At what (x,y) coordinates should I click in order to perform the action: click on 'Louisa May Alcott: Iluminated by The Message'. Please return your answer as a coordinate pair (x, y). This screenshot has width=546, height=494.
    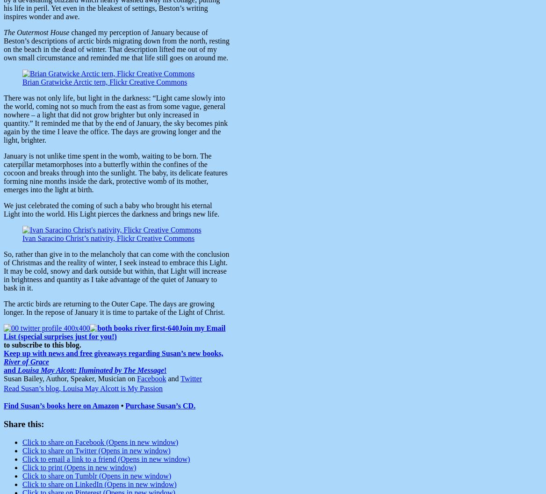
    Looking at the image, I should click on (89, 370).